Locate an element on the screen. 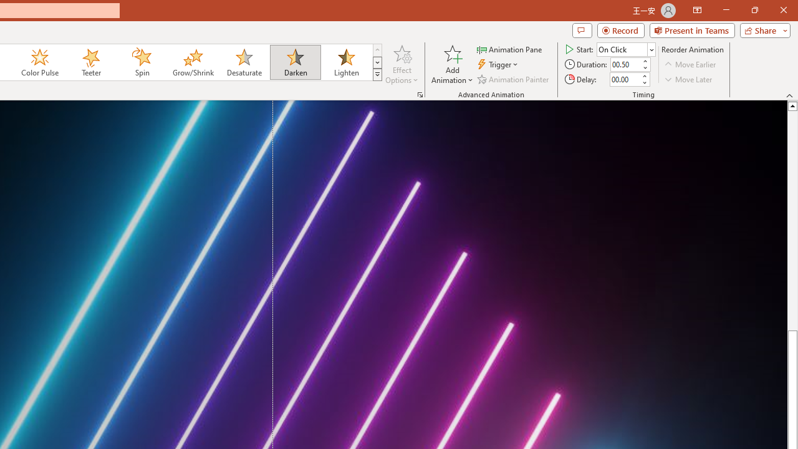  'Animation Pane' is located at coordinates (510, 49).